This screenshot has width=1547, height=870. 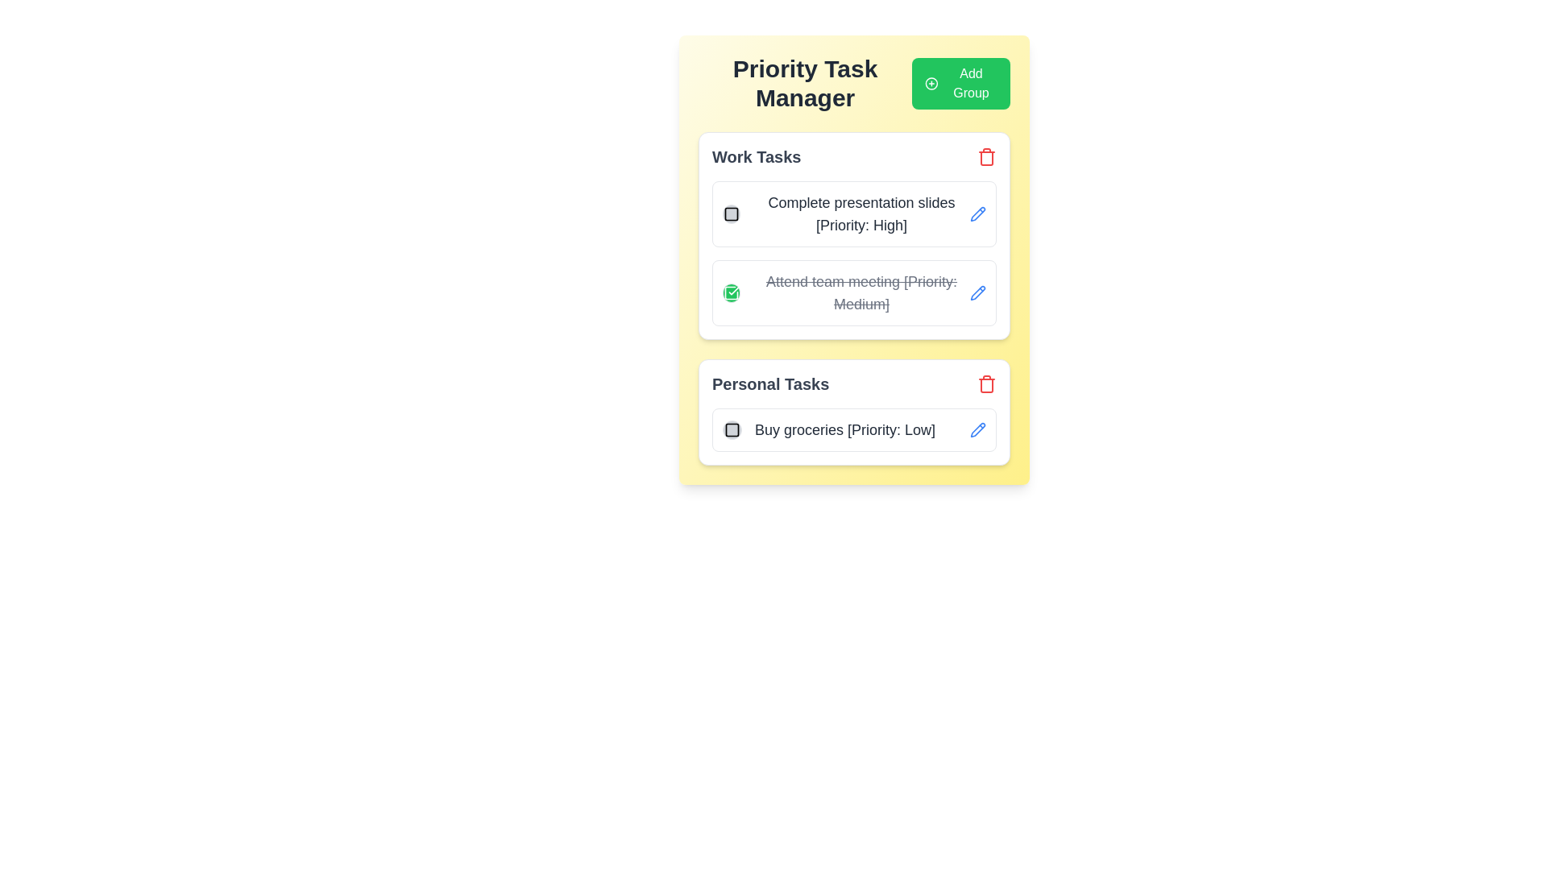 I want to click on the checkbox for the task 'Buy groceries [Priority: Low]', so click(x=731, y=429).